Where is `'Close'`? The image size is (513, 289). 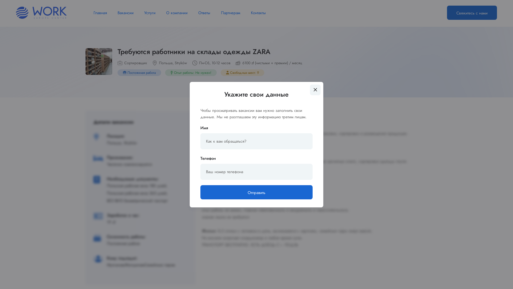
'Close' is located at coordinates (315, 89).